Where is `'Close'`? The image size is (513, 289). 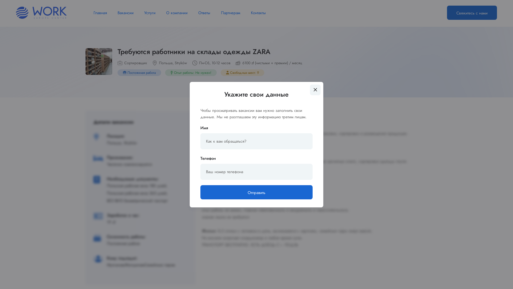
'Close' is located at coordinates (315, 89).